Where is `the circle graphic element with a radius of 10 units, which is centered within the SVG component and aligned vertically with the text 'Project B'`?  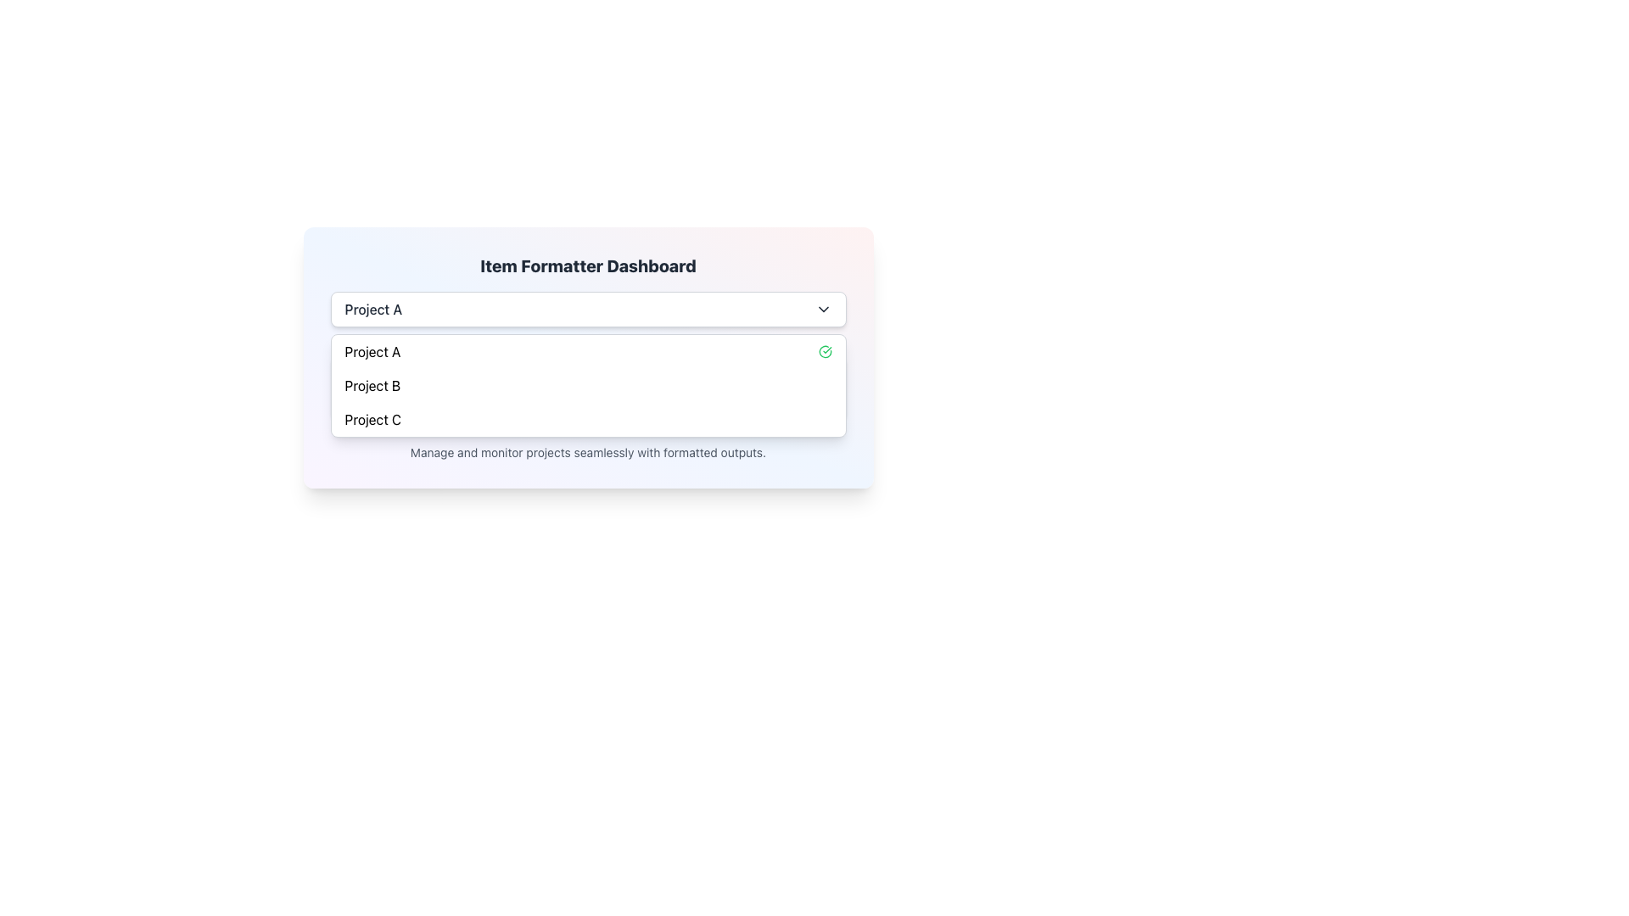 the circle graphic element with a radius of 10 units, which is centered within the SVG component and aligned vertically with the text 'Project B' is located at coordinates (354, 378).